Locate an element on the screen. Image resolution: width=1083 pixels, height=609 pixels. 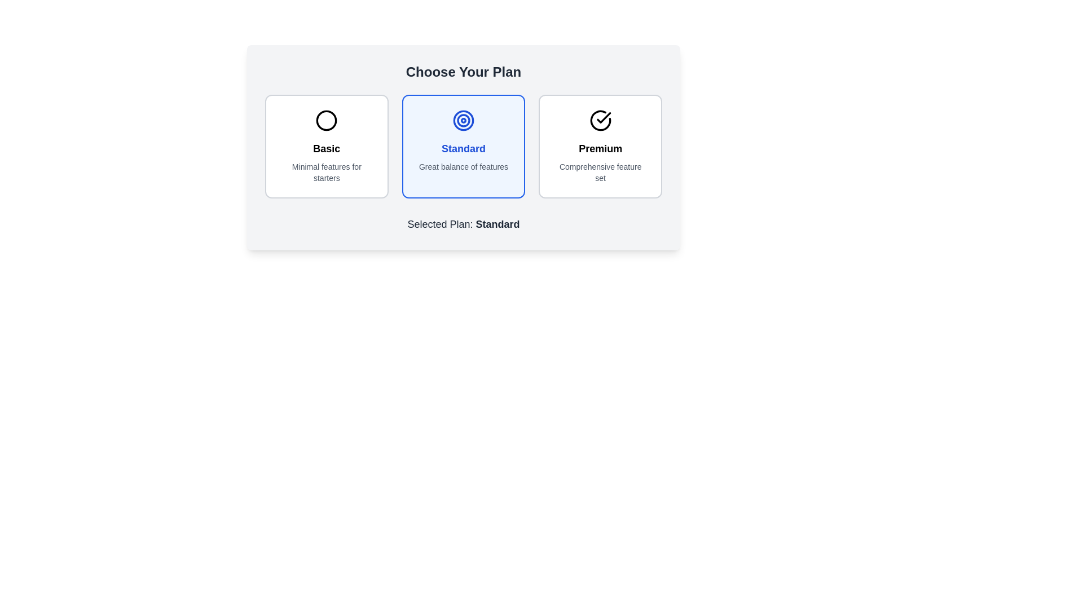
the central circle of the SVG icon representing the 'Basic' plan option, which is located above the text 'Basic' in the leftmost plan selection card under the 'Choose Your Plan' section is located at coordinates (326, 120).